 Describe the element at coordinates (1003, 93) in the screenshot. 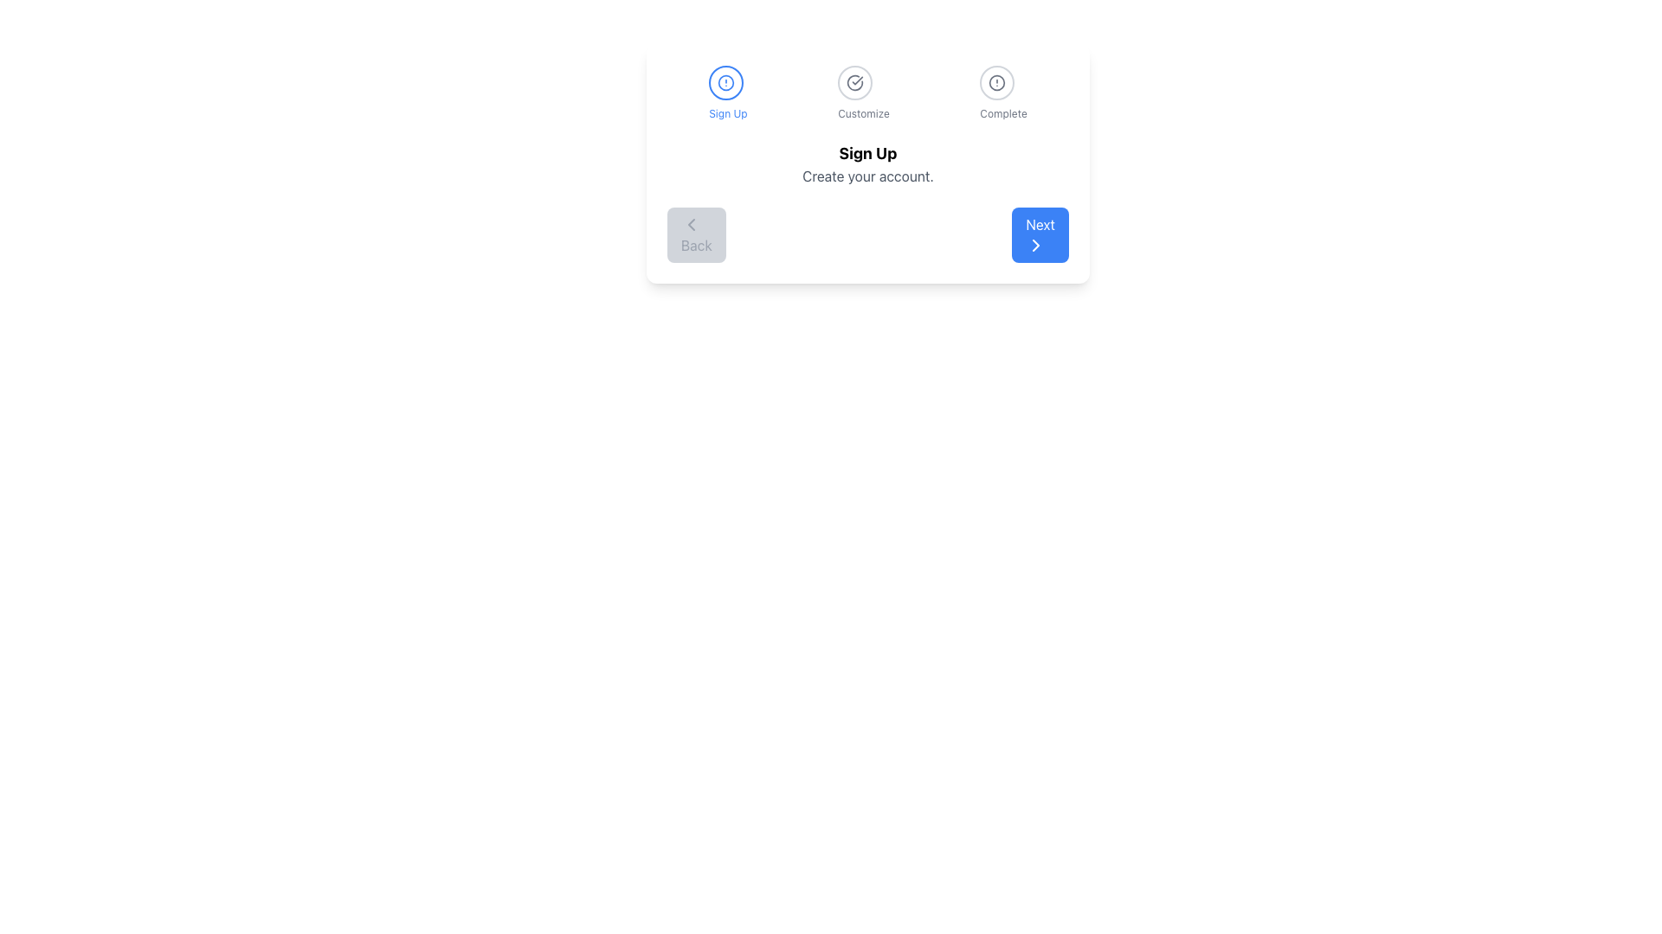

I see `the third step indicator in the step-by-step guide, which indicates the current or subsequent step after 'Sign Up' and 'Customize'` at that location.